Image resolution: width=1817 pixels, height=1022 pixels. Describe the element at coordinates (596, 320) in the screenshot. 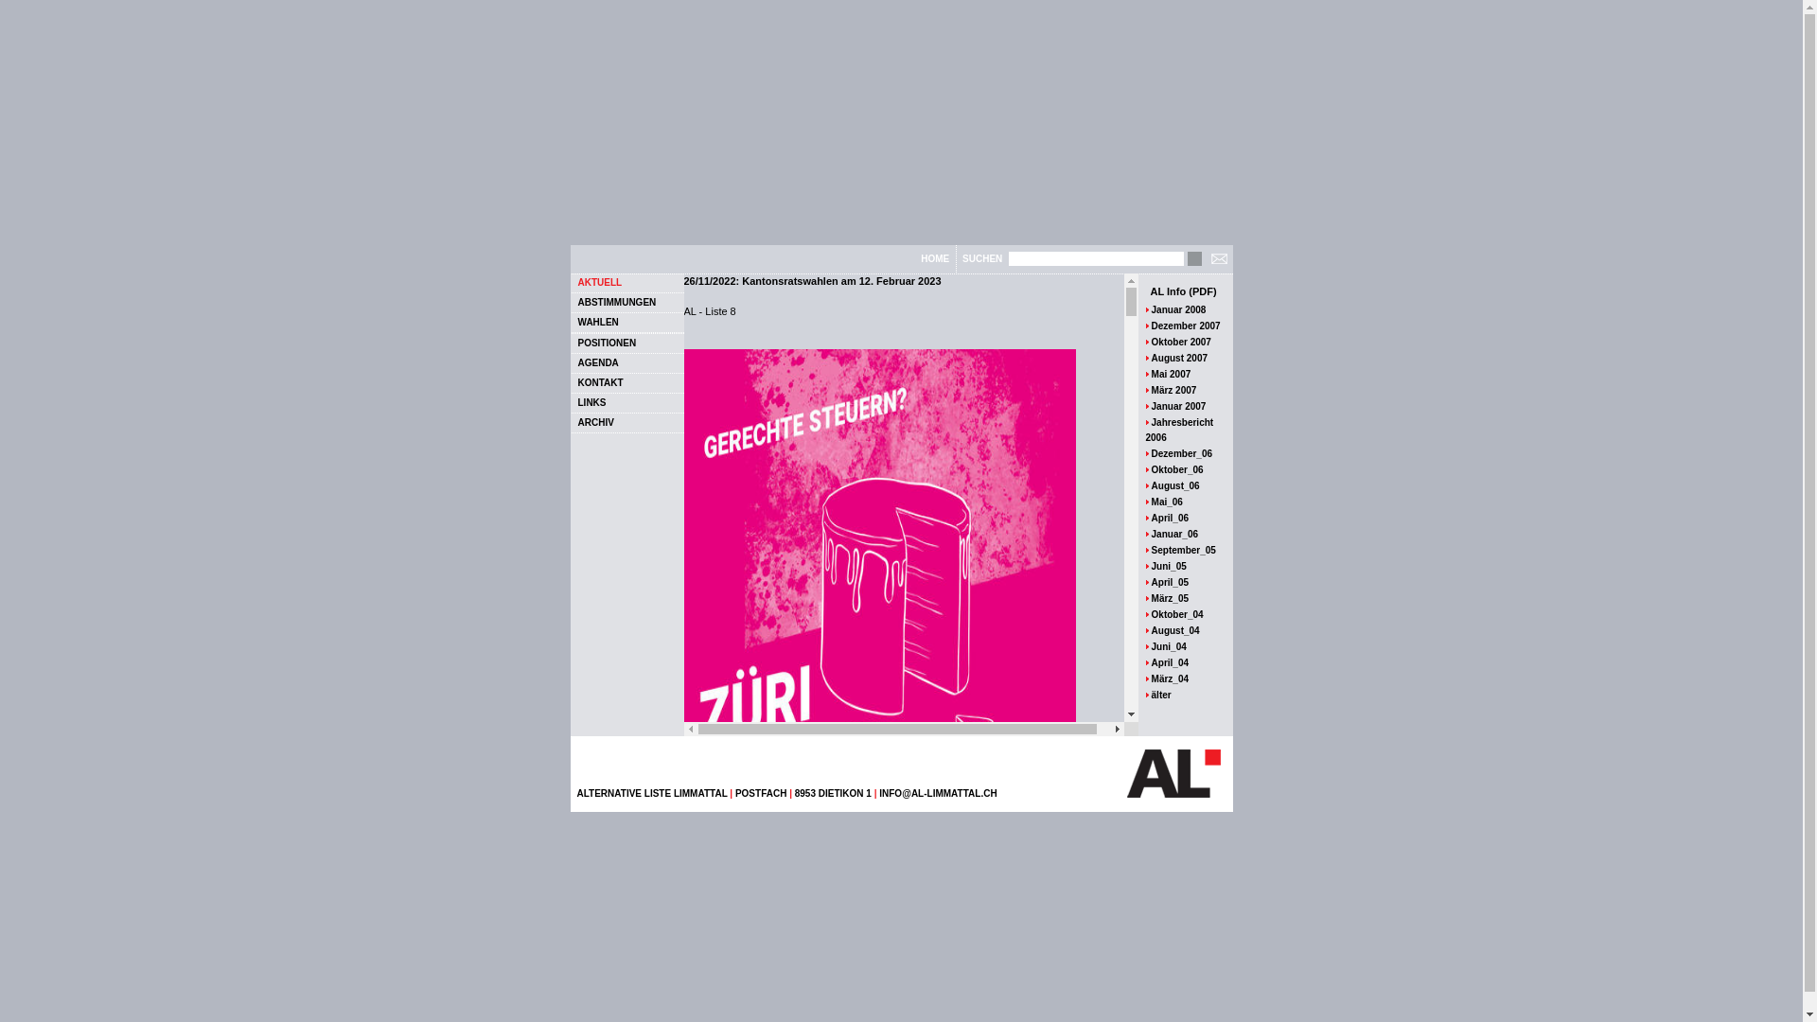

I see `'WAHLEN'` at that location.